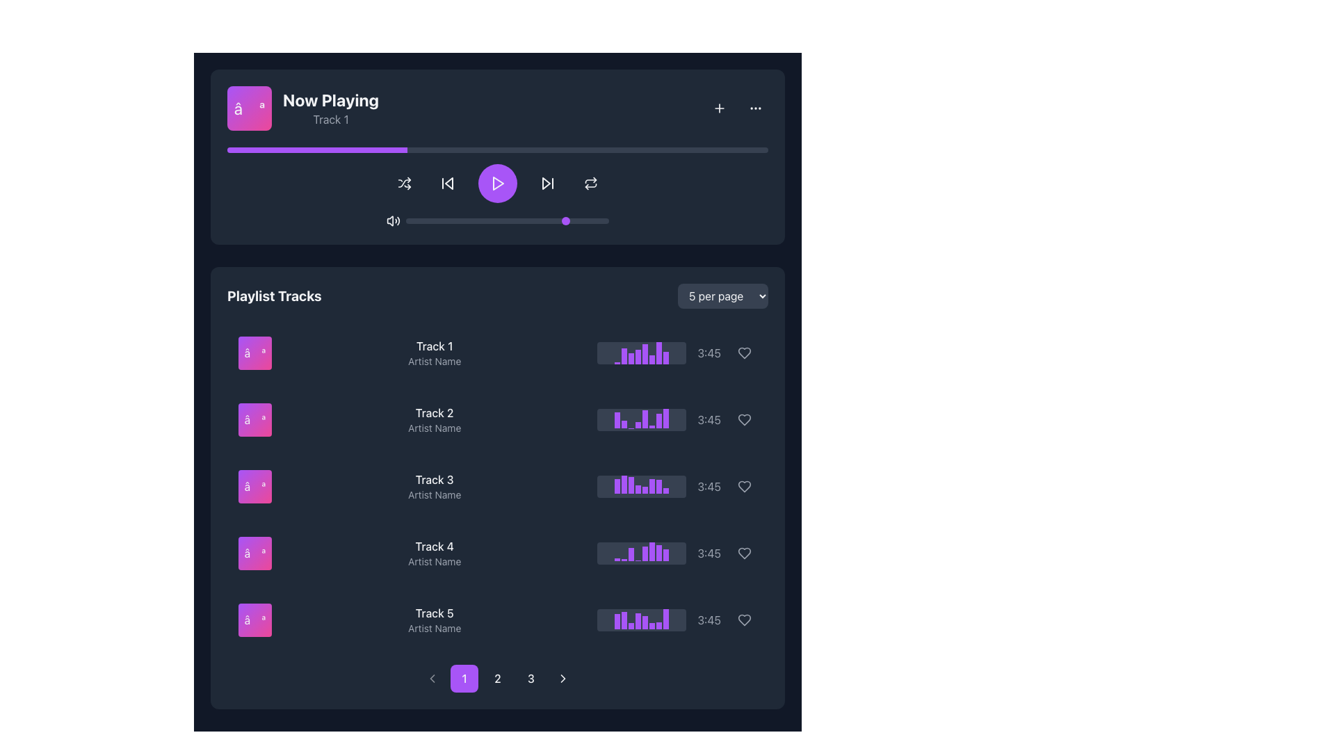  What do you see at coordinates (617, 621) in the screenshot?
I see `the bar chart element representing 'Track 5' to interpret the data associated with its intensity or frequency` at bounding box center [617, 621].